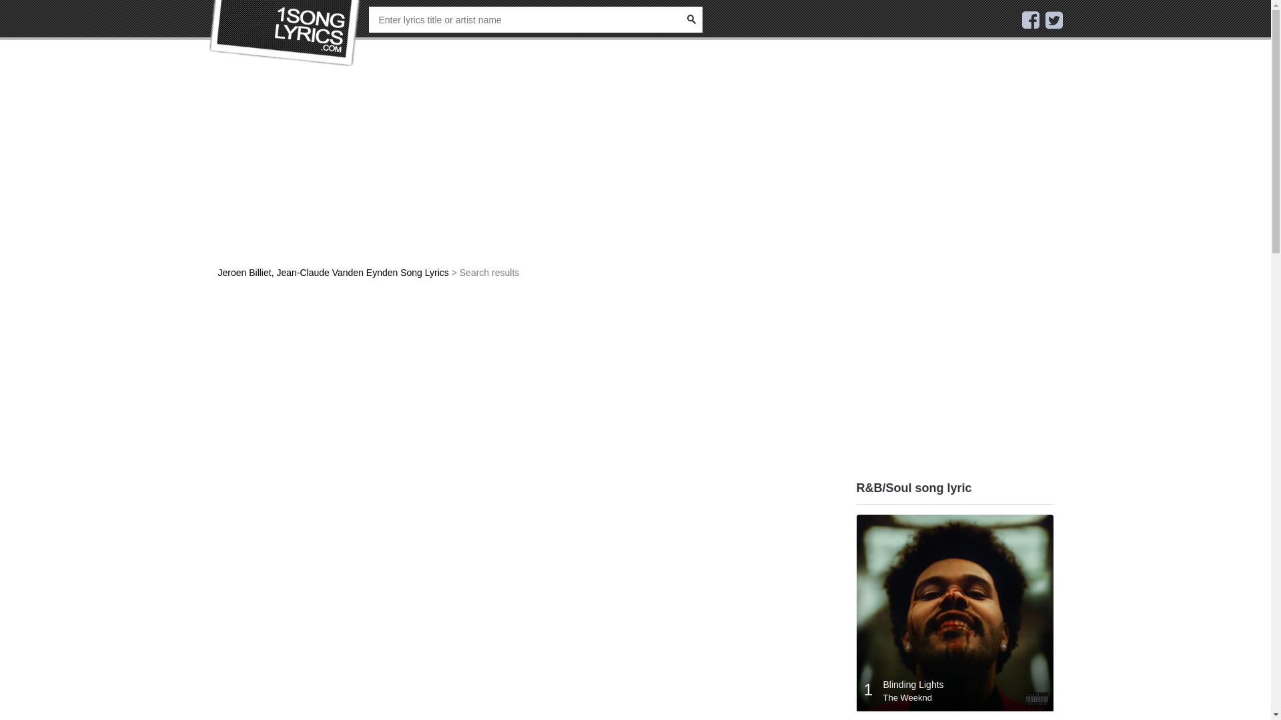 This screenshot has height=720, width=1281. What do you see at coordinates (856, 279) in the screenshot?
I see `'Advertisement'` at bounding box center [856, 279].